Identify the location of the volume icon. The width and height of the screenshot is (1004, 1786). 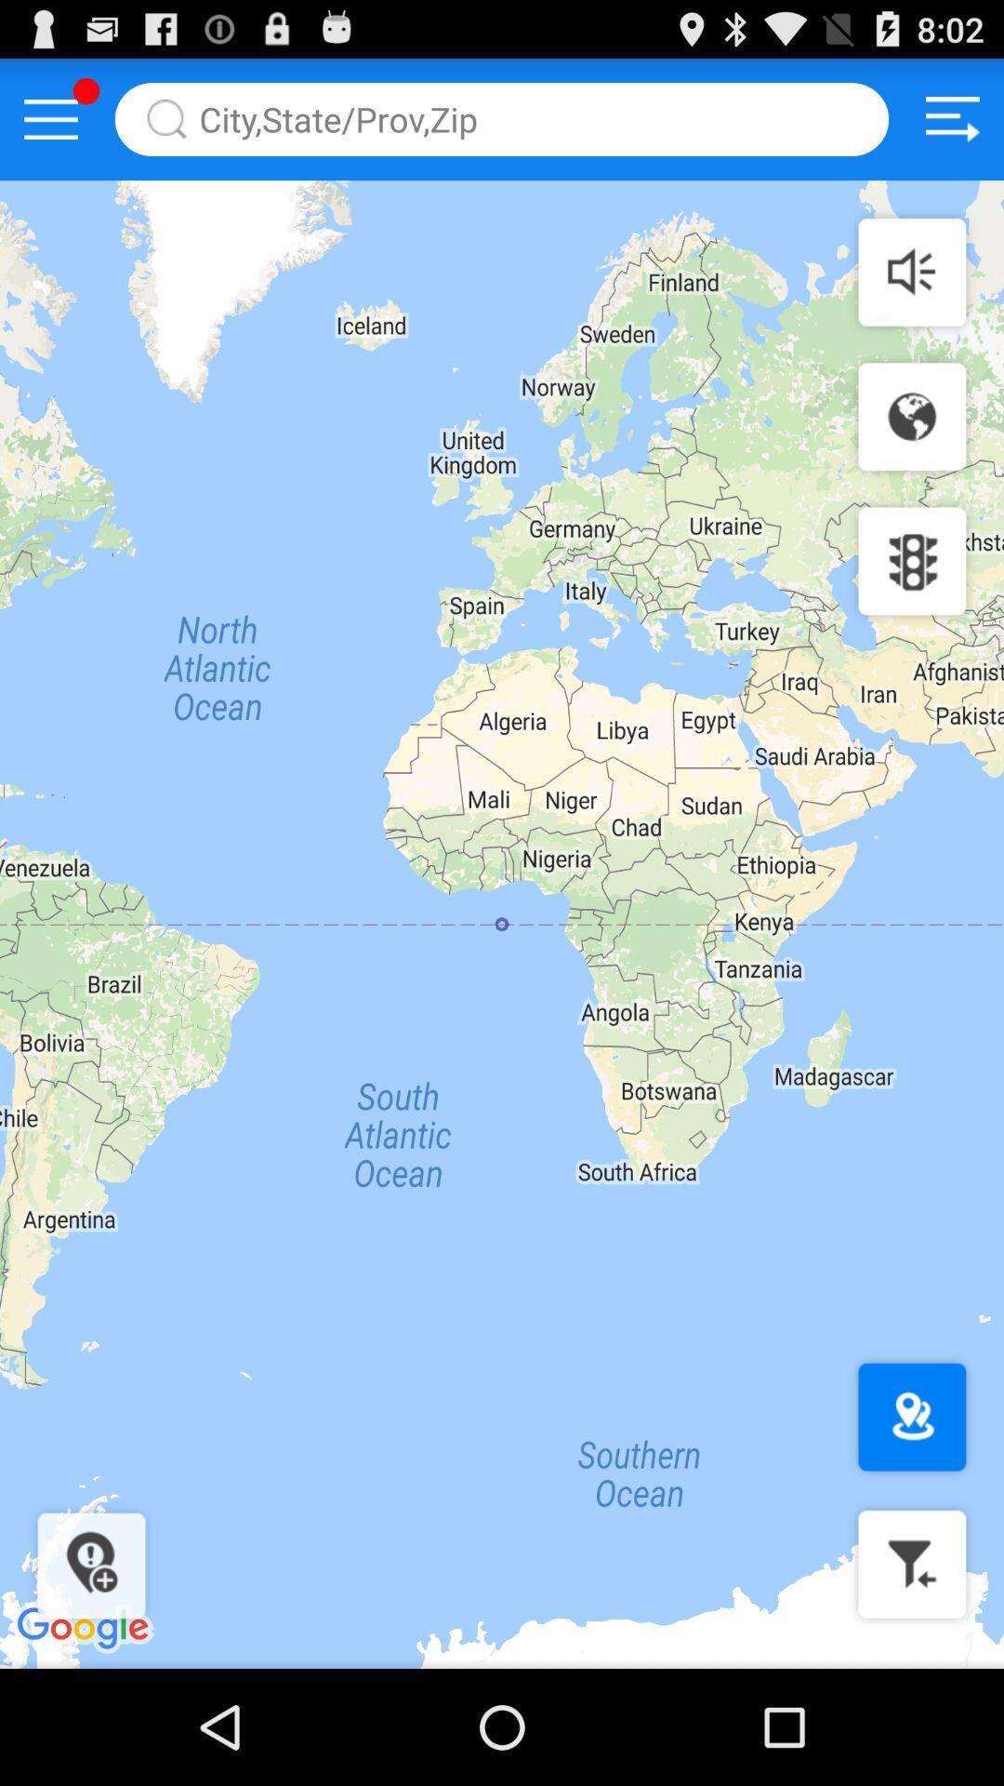
(911, 290).